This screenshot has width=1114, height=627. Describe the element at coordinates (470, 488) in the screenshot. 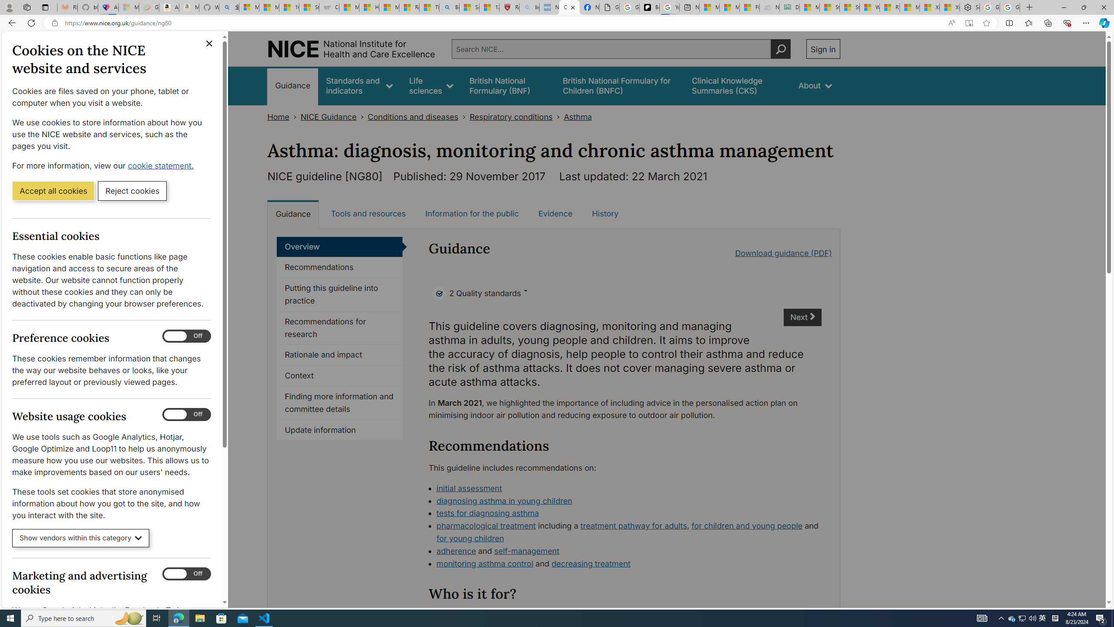

I see `'initial assessment'` at that location.